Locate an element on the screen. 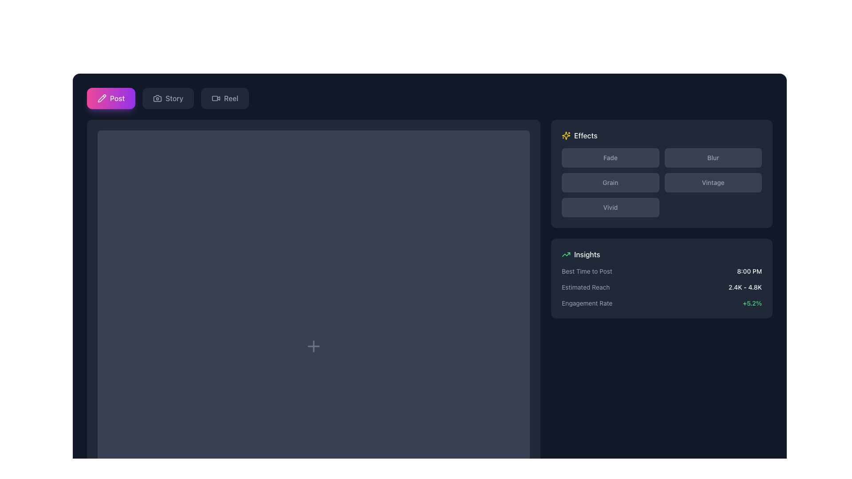  the 'Story' button, which is the second button in the navigation bar is located at coordinates (168, 98).